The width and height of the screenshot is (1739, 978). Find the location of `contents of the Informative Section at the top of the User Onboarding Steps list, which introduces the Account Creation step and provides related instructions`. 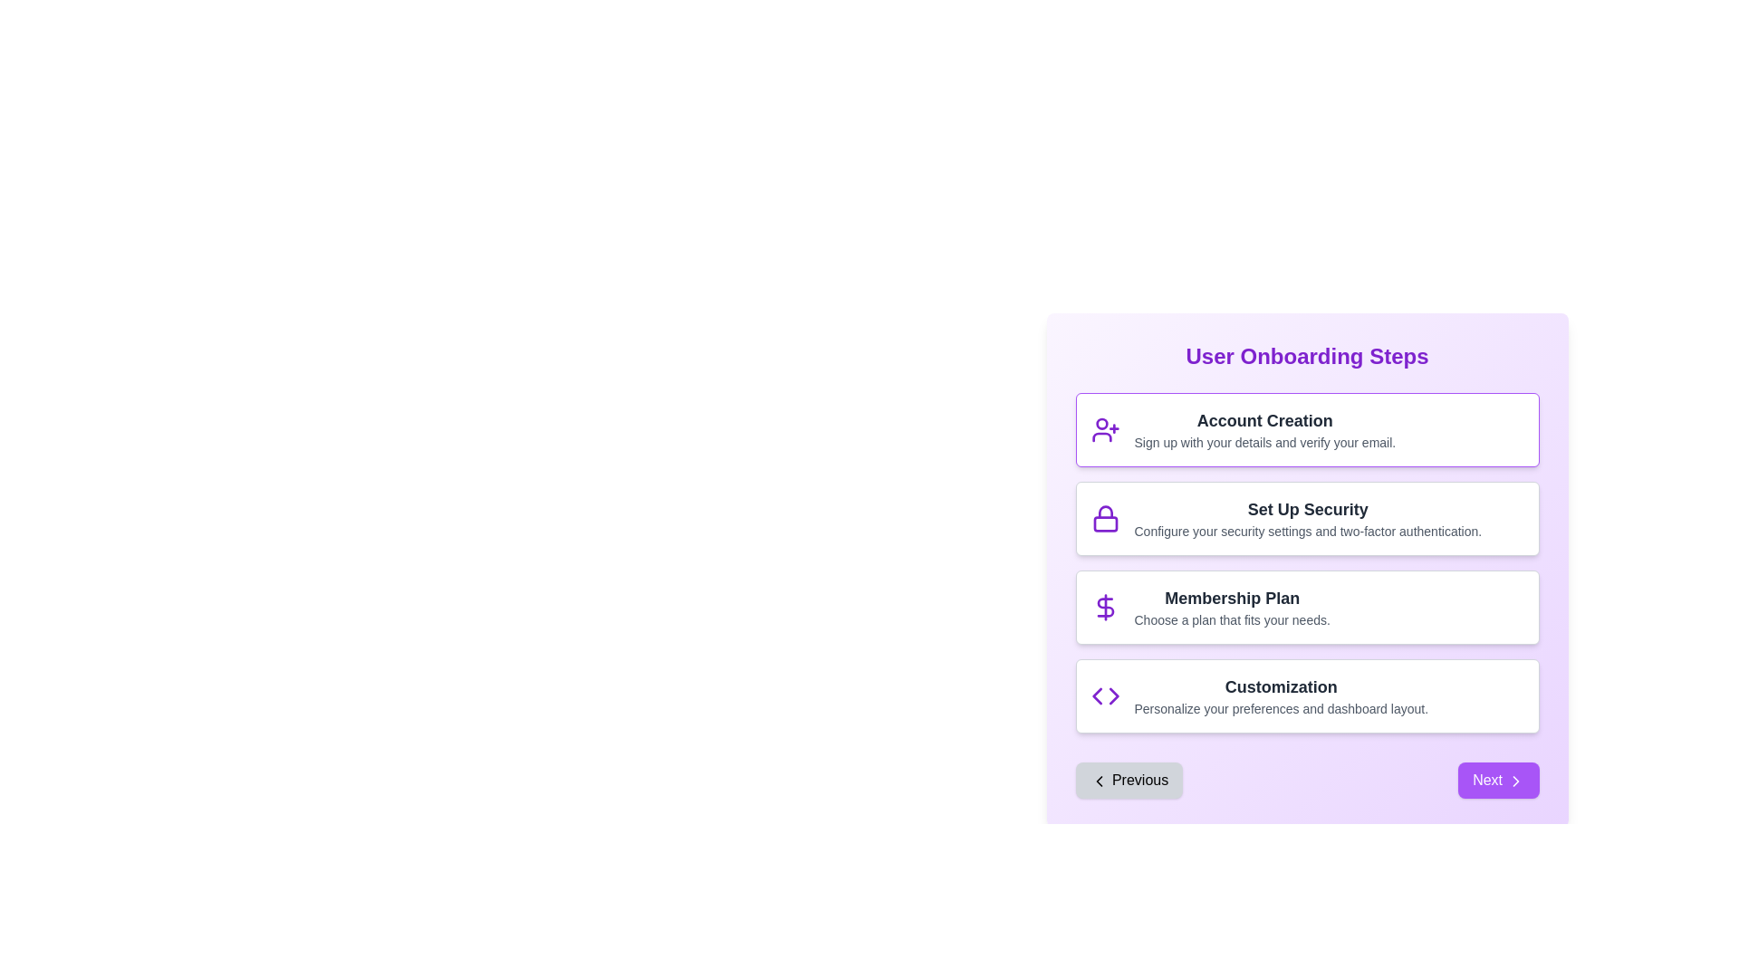

contents of the Informative Section at the top of the User Onboarding Steps list, which introduces the Account Creation step and provides related instructions is located at coordinates (1307, 429).